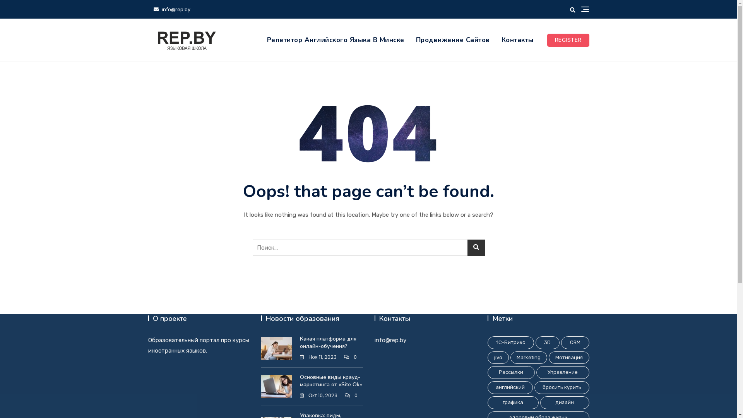 The image size is (743, 418). What do you see at coordinates (528, 358) in the screenshot?
I see `'Marketing'` at bounding box center [528, 358].